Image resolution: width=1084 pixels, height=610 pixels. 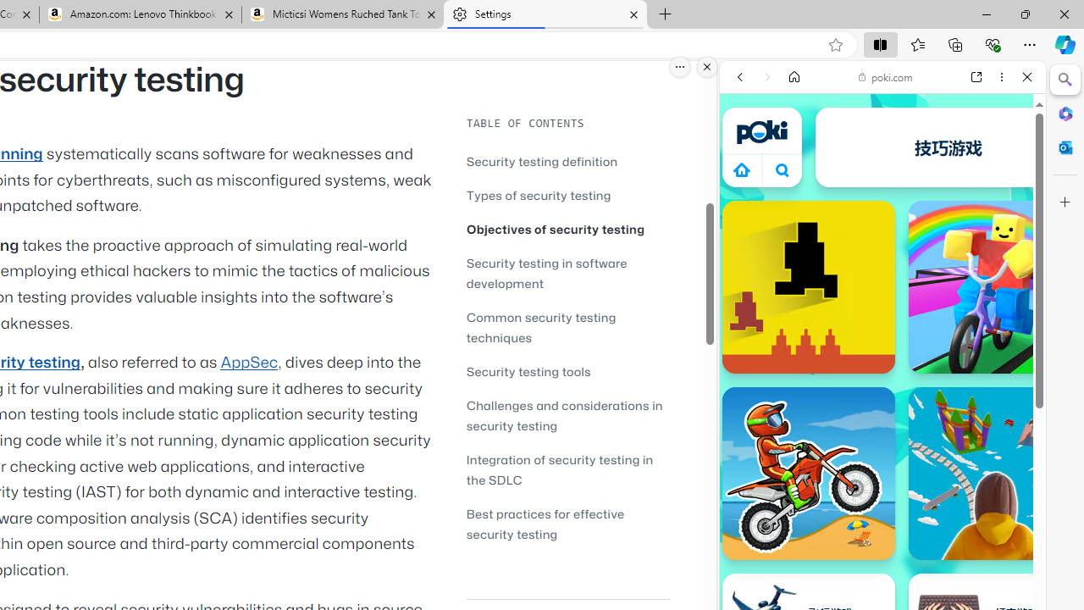 I want to click on 'Security testing tools', so click(x=567, y=370).